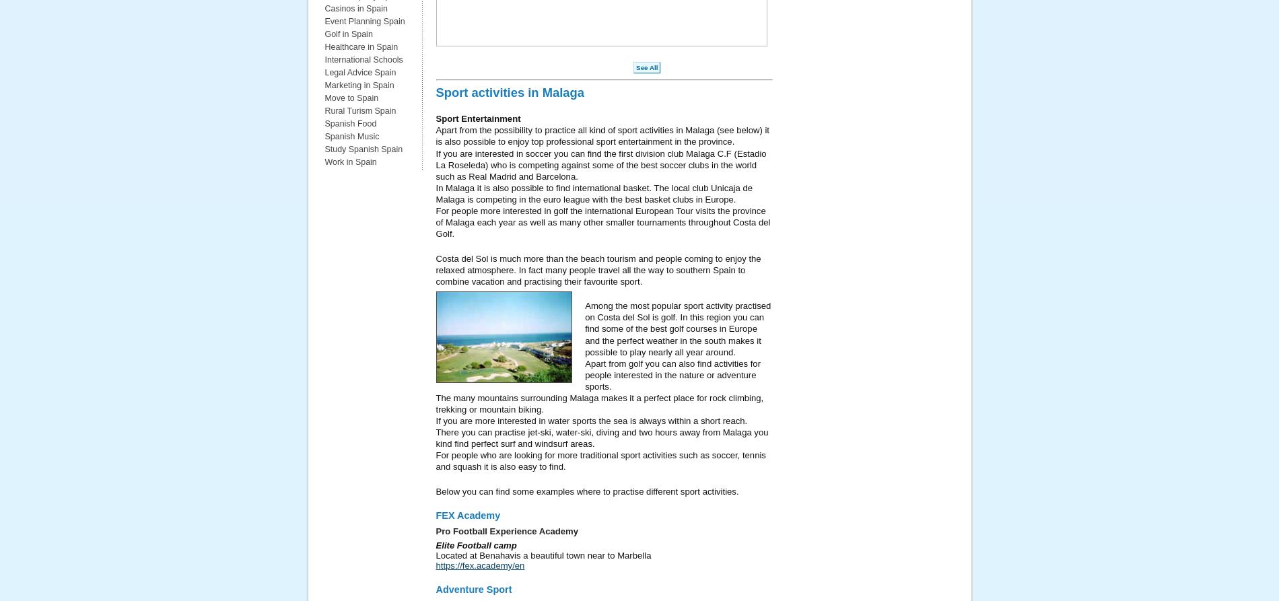  What do you see at coordinates (350, 122) in the screenshot?
I see `'Spanish Food'` at bounding box center [350, 122].